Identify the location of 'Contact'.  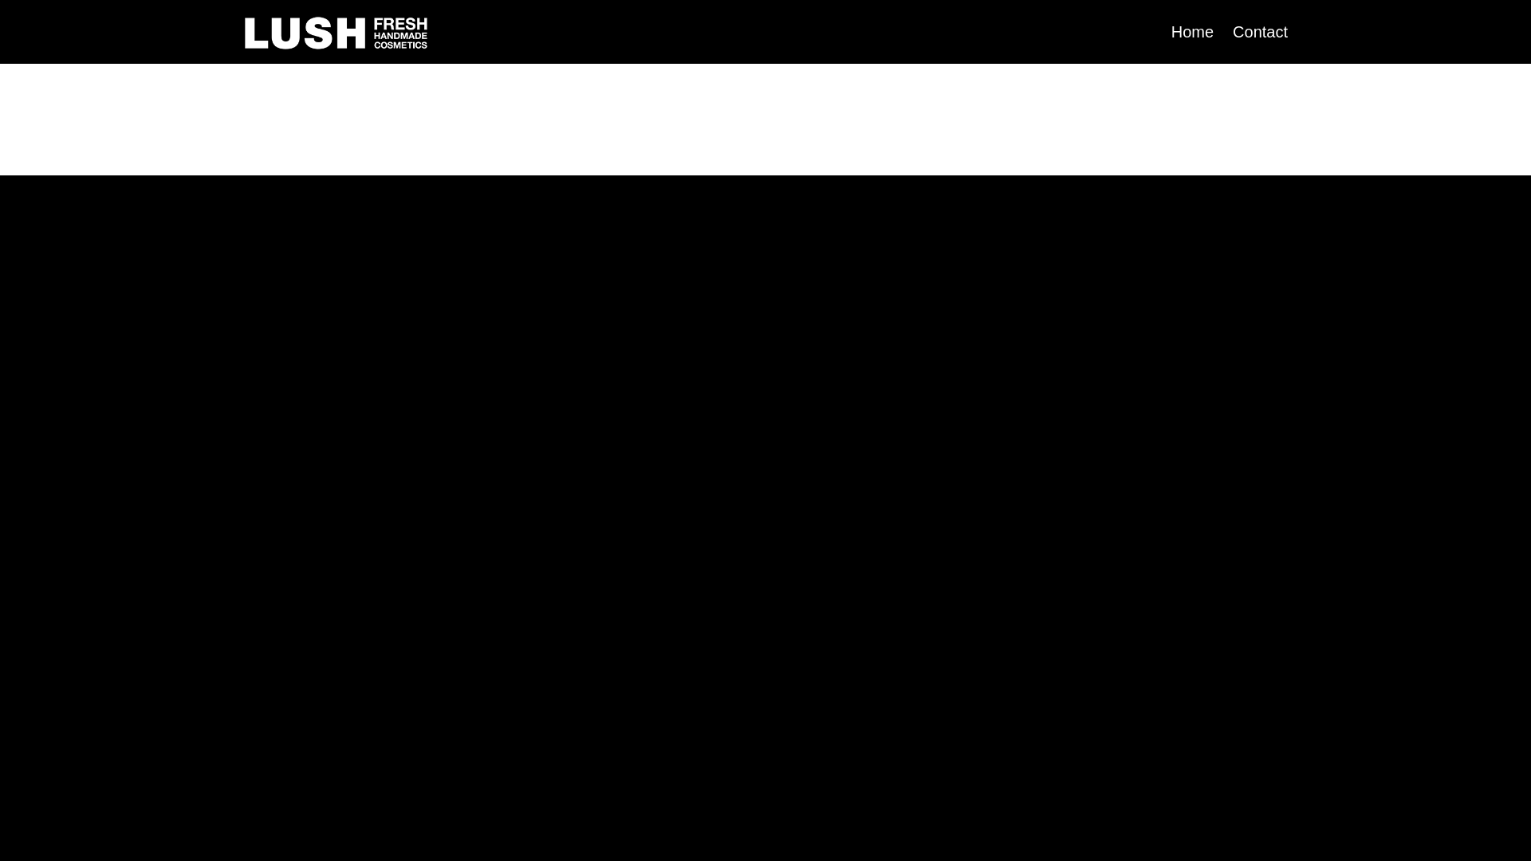
(1259, 31).